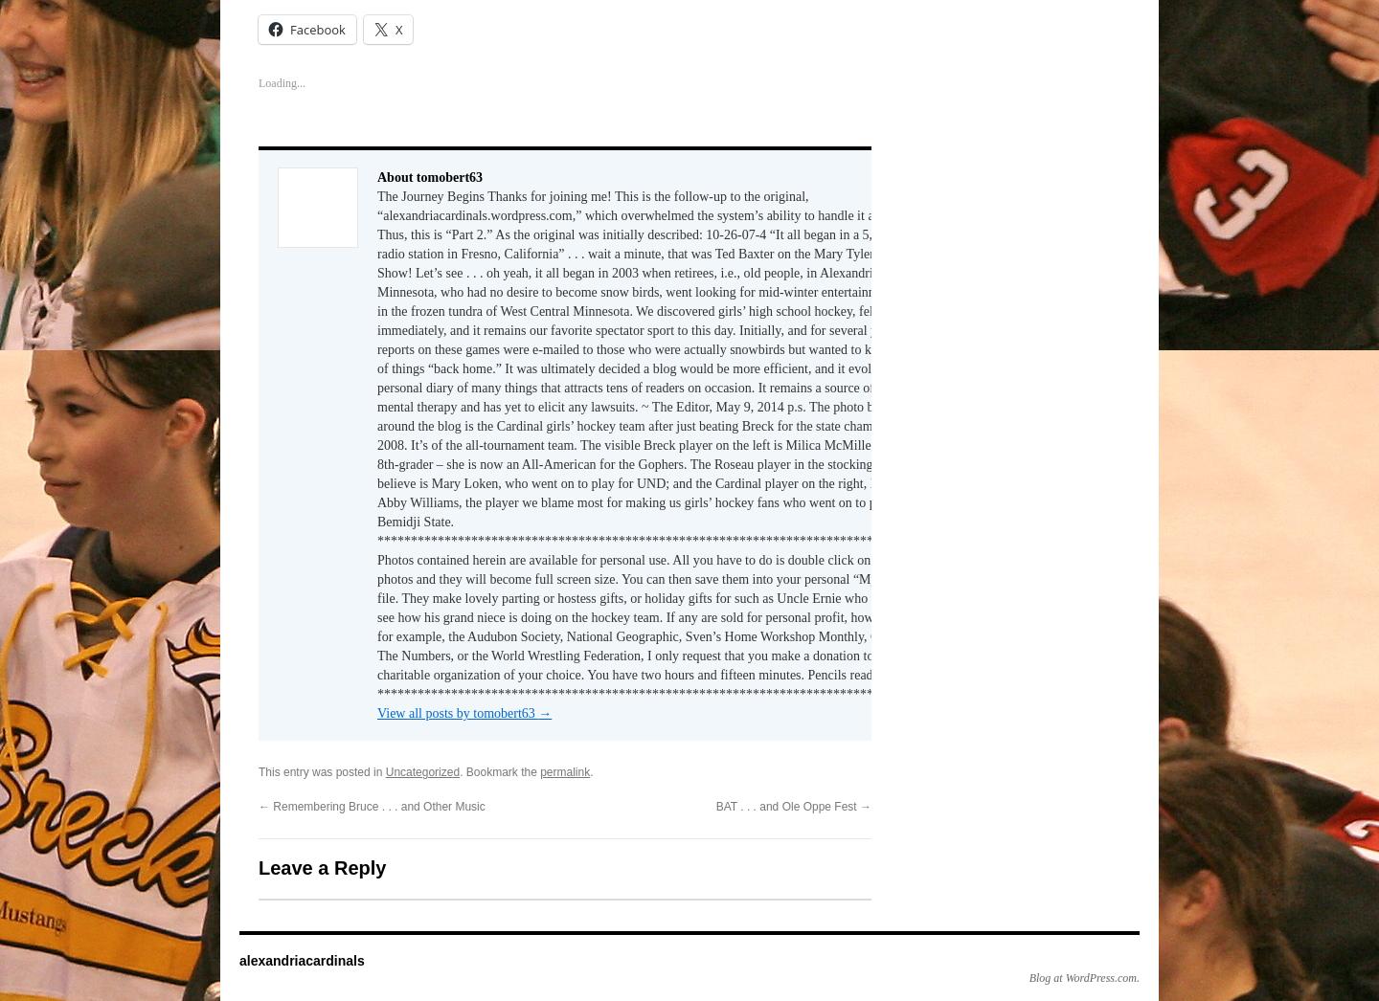 The width and height of the screenshot is (1379, 1001). What do you see at coordinates (237, 956) in the screenshot?
I see `'alexandriacardinals'` at bounding box center [237, 956].